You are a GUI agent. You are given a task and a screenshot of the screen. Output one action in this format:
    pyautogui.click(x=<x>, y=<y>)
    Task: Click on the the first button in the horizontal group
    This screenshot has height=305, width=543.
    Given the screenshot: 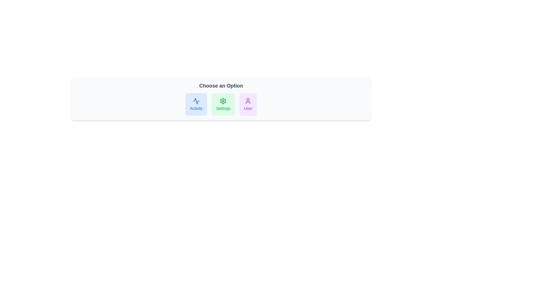 What is the action you would take?
    pyautogui.click(x=196, y=104)
    